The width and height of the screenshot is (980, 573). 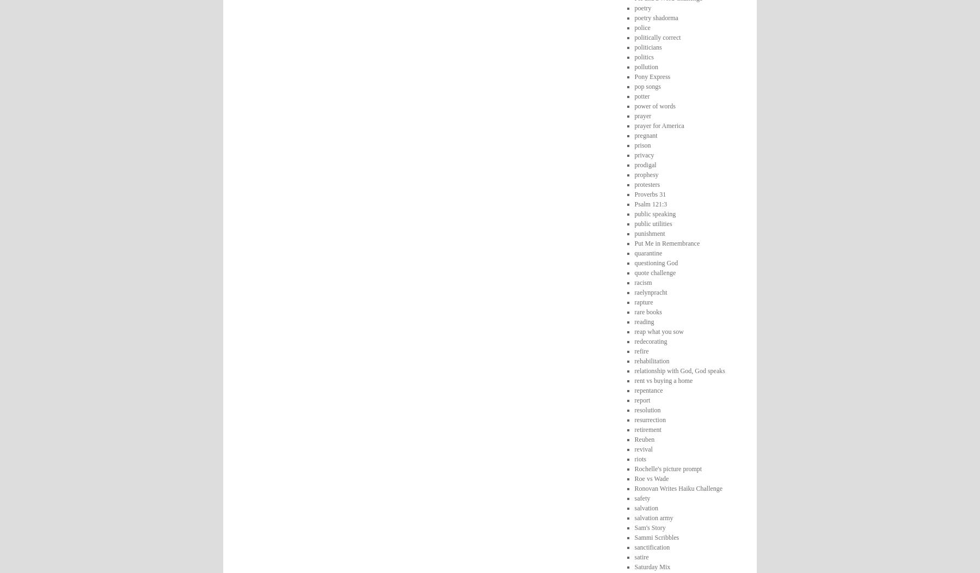 What do you see at coordinates (655, 263) in the screenshot?
I see `'questioning God'` at bounding box center [655, 263].